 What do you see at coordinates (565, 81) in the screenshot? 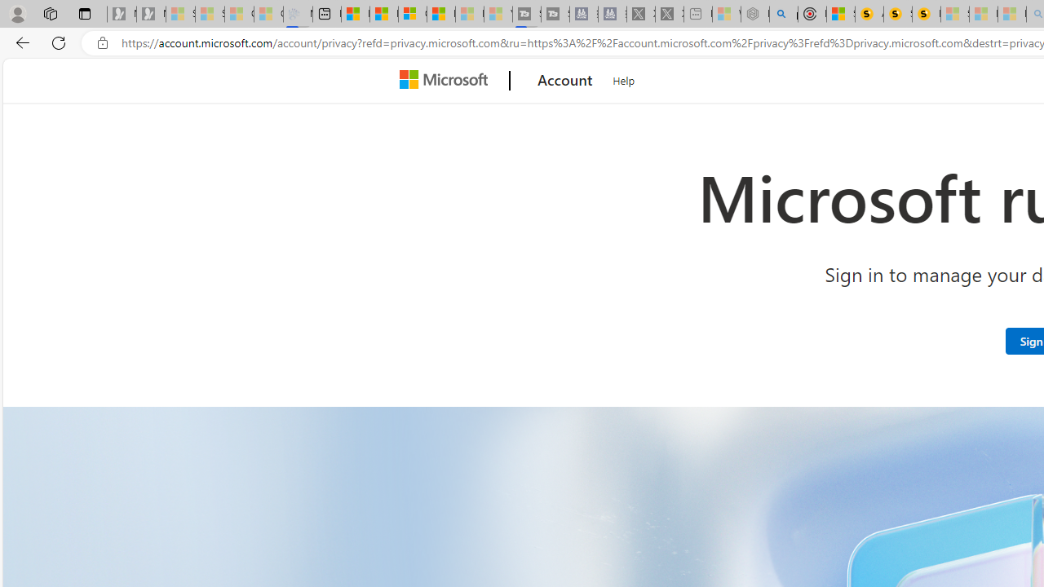
I see `'Account'` at bounding box center [565, 81].